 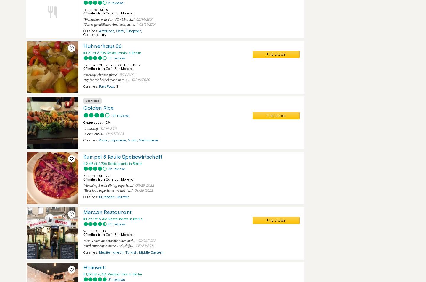 What do you see at coordinates (137, 241) in the screenshot?
I see `'07/06/2022'` at bounding box center [137, 241].